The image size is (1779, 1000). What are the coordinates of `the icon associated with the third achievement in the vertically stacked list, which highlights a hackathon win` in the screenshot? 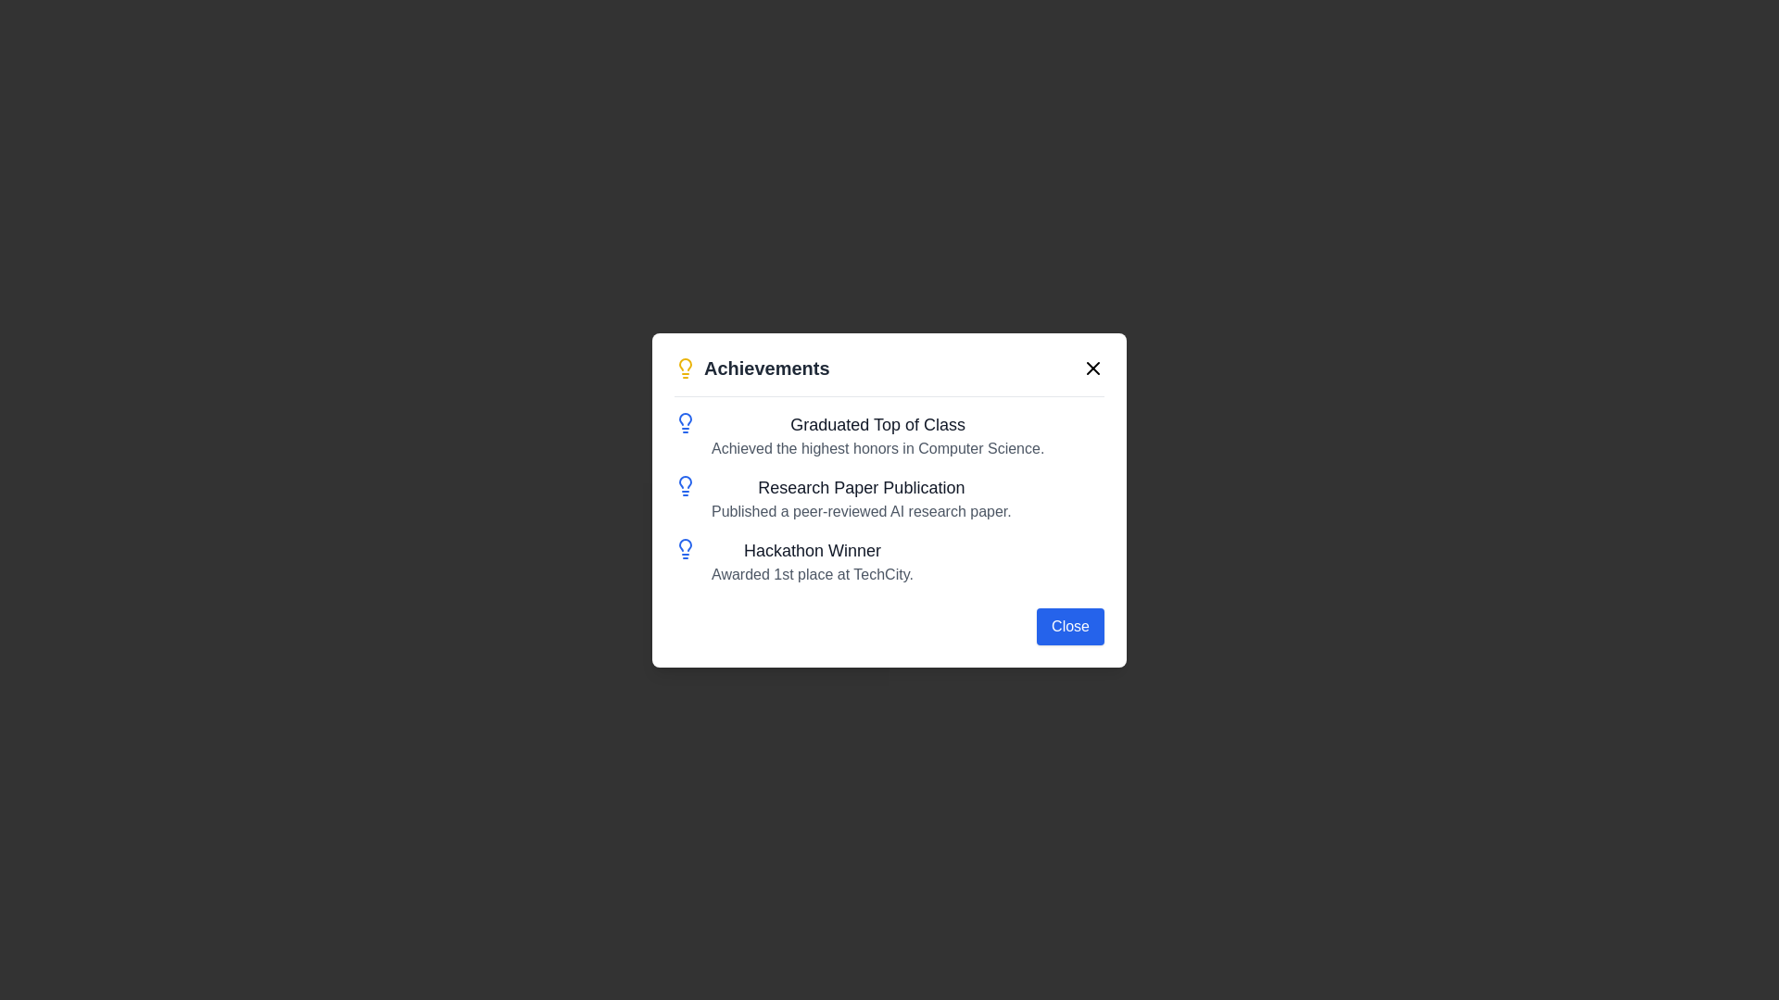 It's located at (889, 560).